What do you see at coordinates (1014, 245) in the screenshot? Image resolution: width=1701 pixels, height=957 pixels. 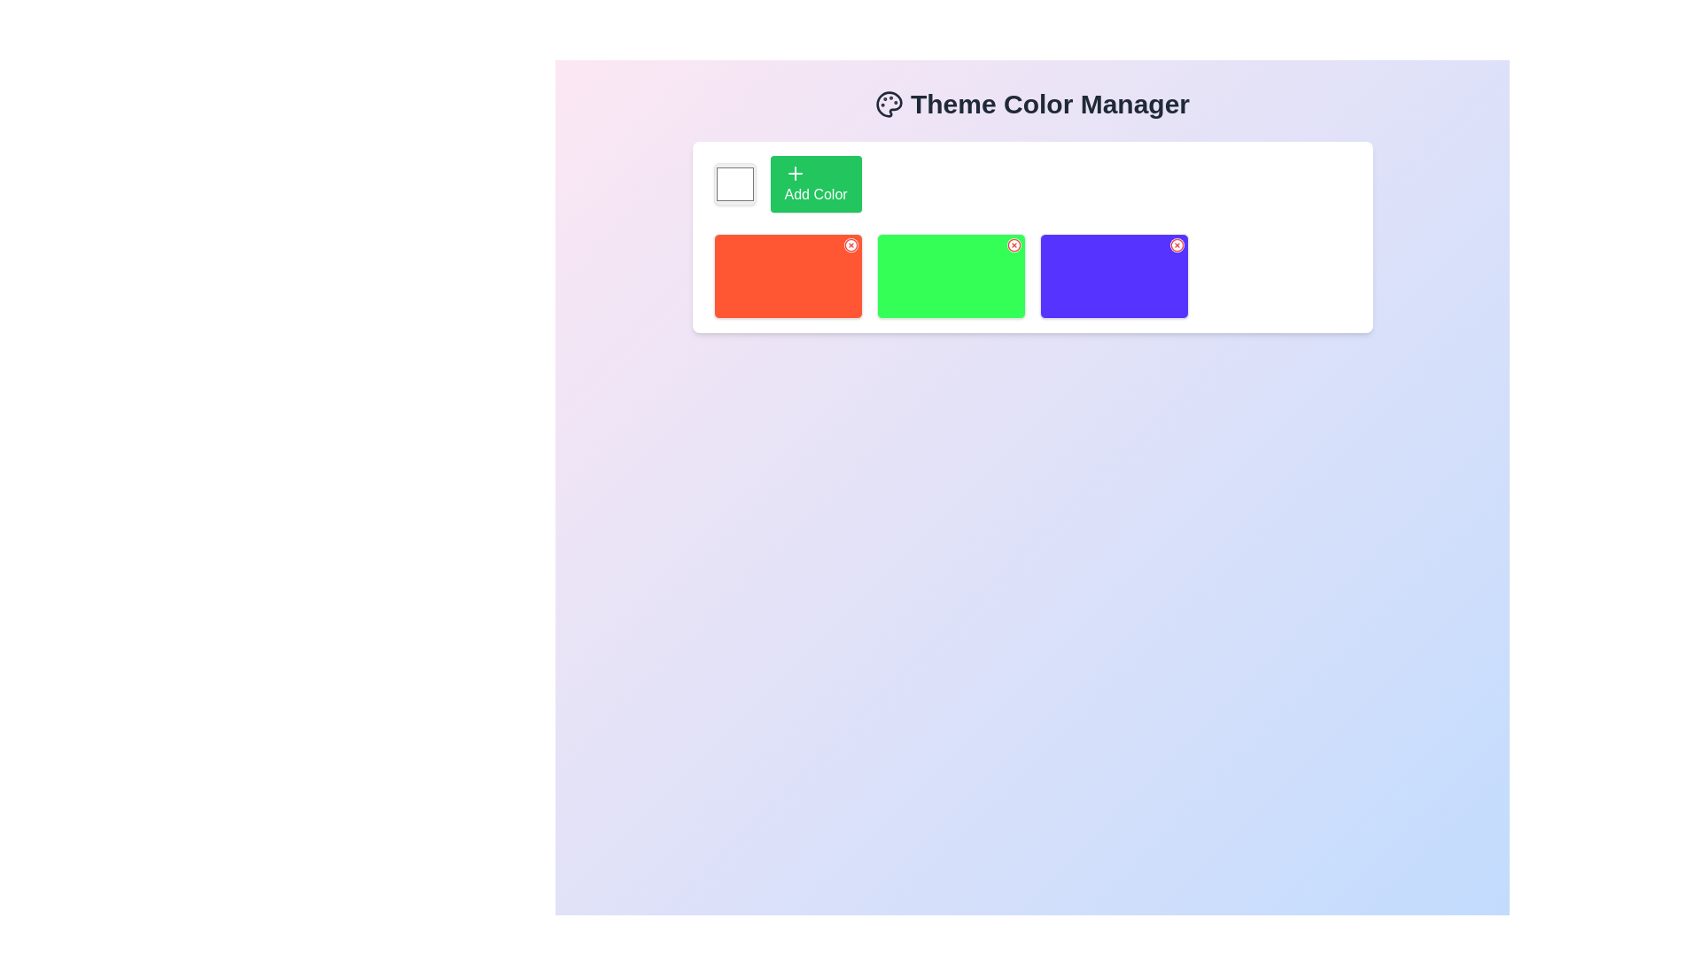 I see `the close button located at the top-right corner of the green rectangular tile, which is the middle tile among three adjacent colored tiles` at bounding box center [1014, 245].